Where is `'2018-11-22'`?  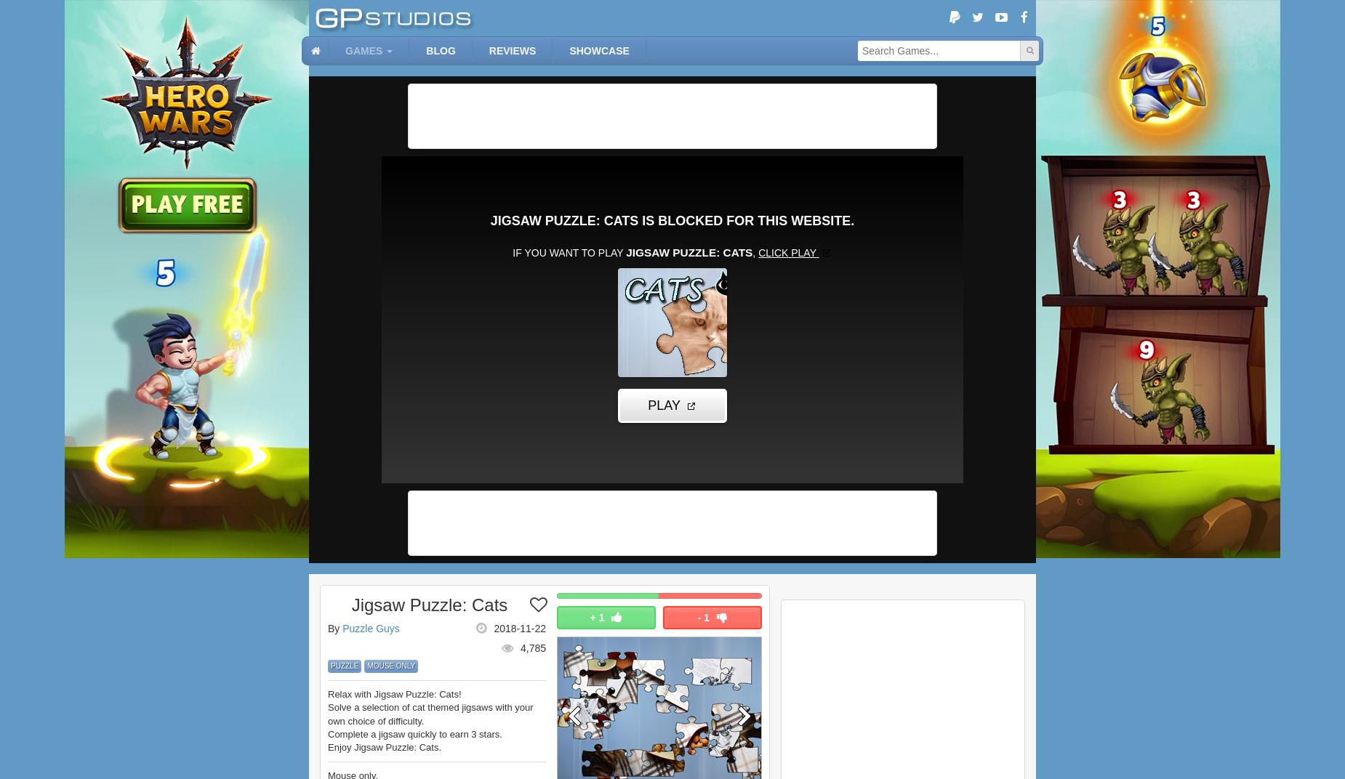
'2018-11-22' is located at coordinates (520, 627).